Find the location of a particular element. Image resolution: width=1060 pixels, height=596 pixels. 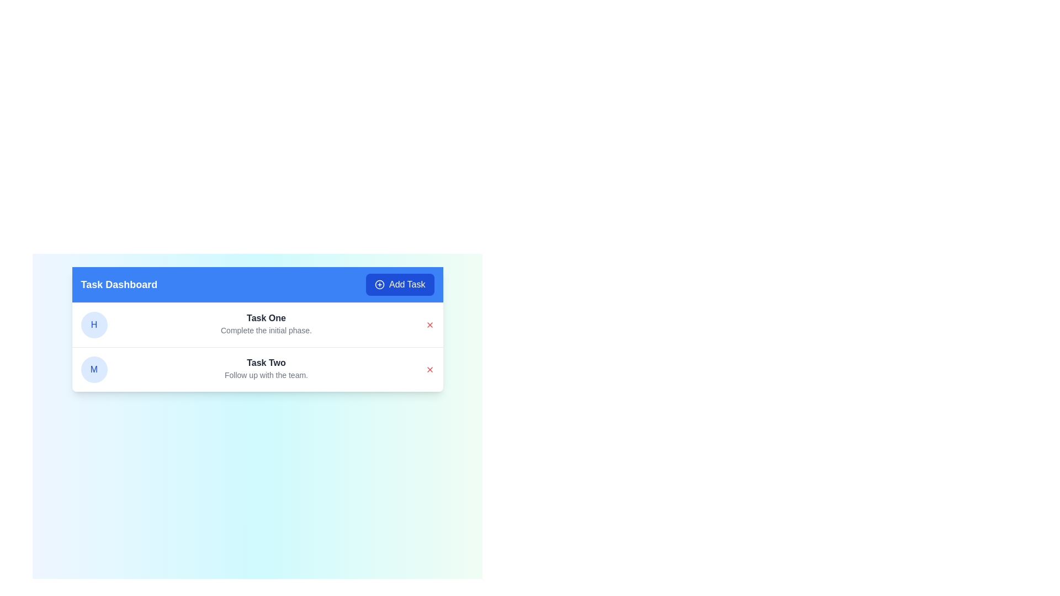

the delete button (icon styled) located in the rightmost position of the 'Task Two' row is located at coordinates (429, 370).